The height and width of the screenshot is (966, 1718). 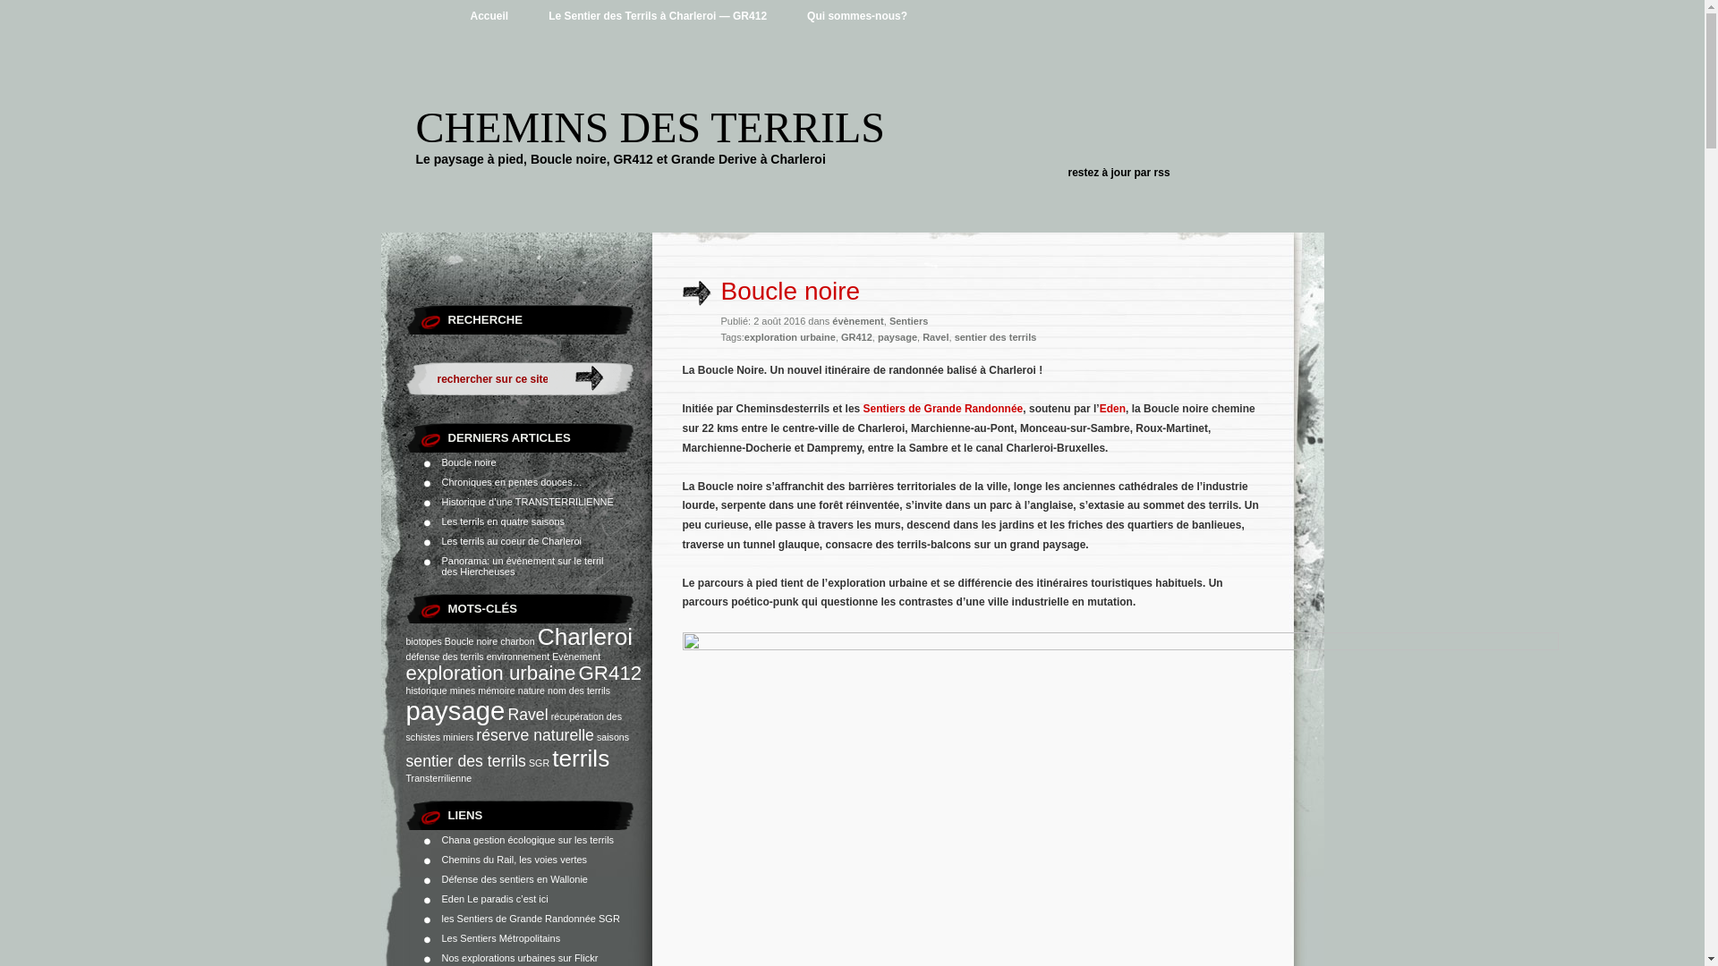 I want to click on 'Les terrils en quatre saisons', so click(x=502, y=521).